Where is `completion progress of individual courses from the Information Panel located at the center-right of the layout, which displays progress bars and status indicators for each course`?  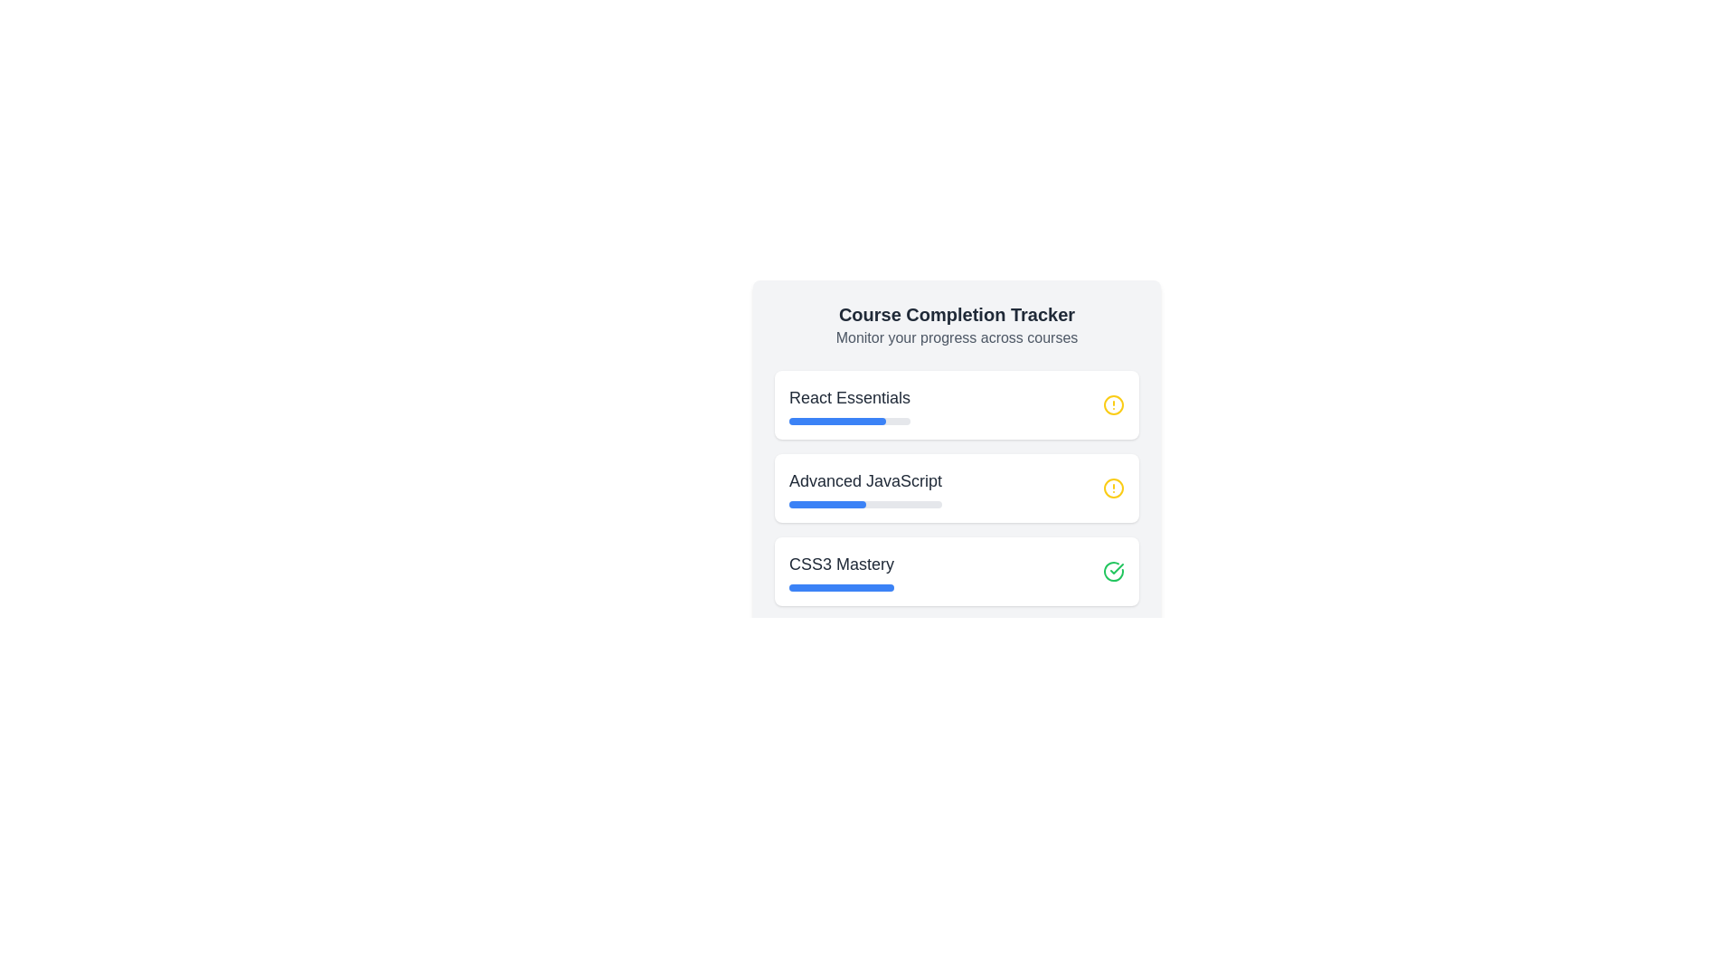 completion progress of individual courses from the Information Panel located at the center-right of the layout, which displays progress bars and status indicators for each course is located at coordinates (956, 481).